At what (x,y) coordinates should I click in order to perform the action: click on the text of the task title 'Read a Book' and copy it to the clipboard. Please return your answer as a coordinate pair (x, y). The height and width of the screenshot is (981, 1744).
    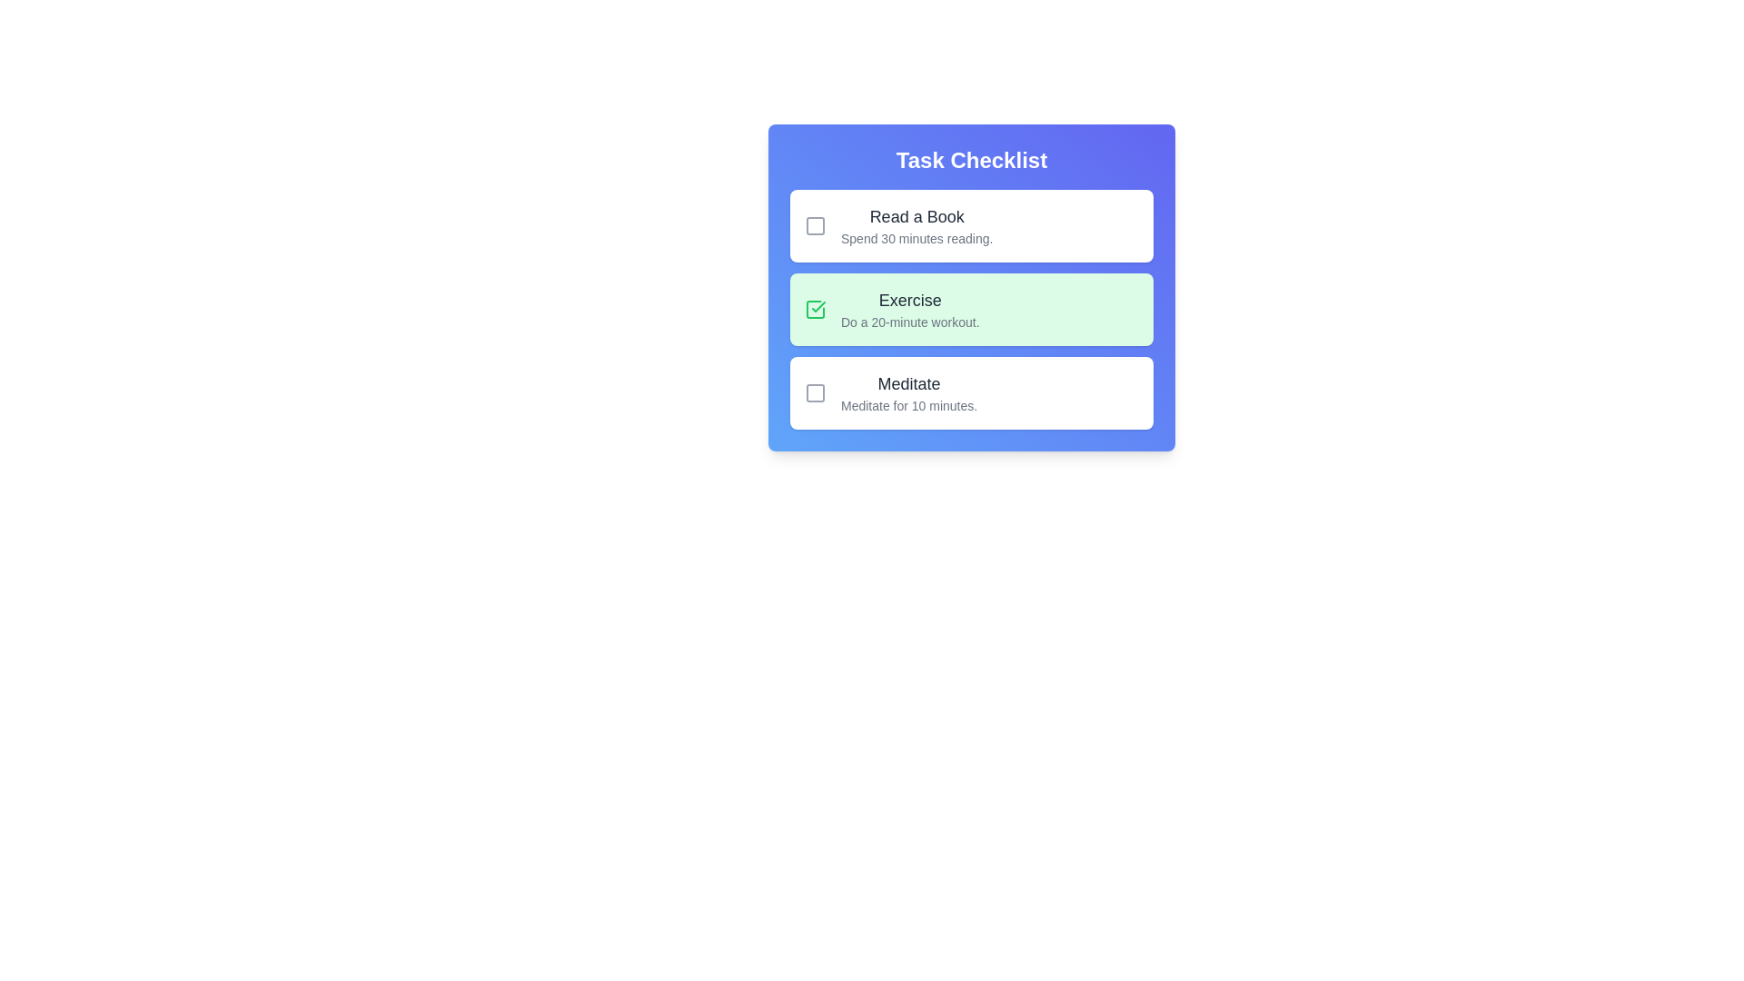
    Looking at the image, I should click on (916, 216).